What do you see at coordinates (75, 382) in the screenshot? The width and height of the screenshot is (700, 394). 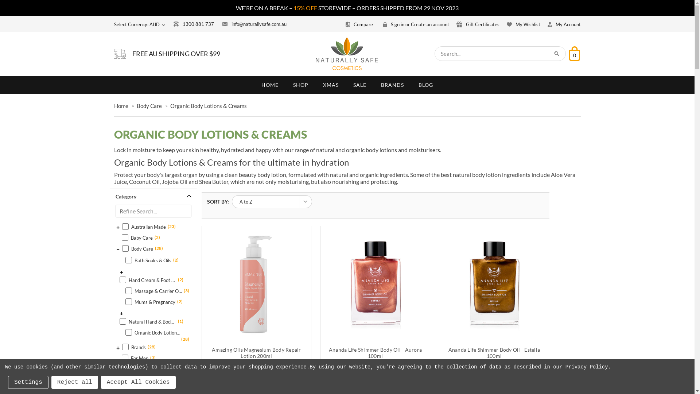 I see `'Reject all'` at bounding box center [75, 382].